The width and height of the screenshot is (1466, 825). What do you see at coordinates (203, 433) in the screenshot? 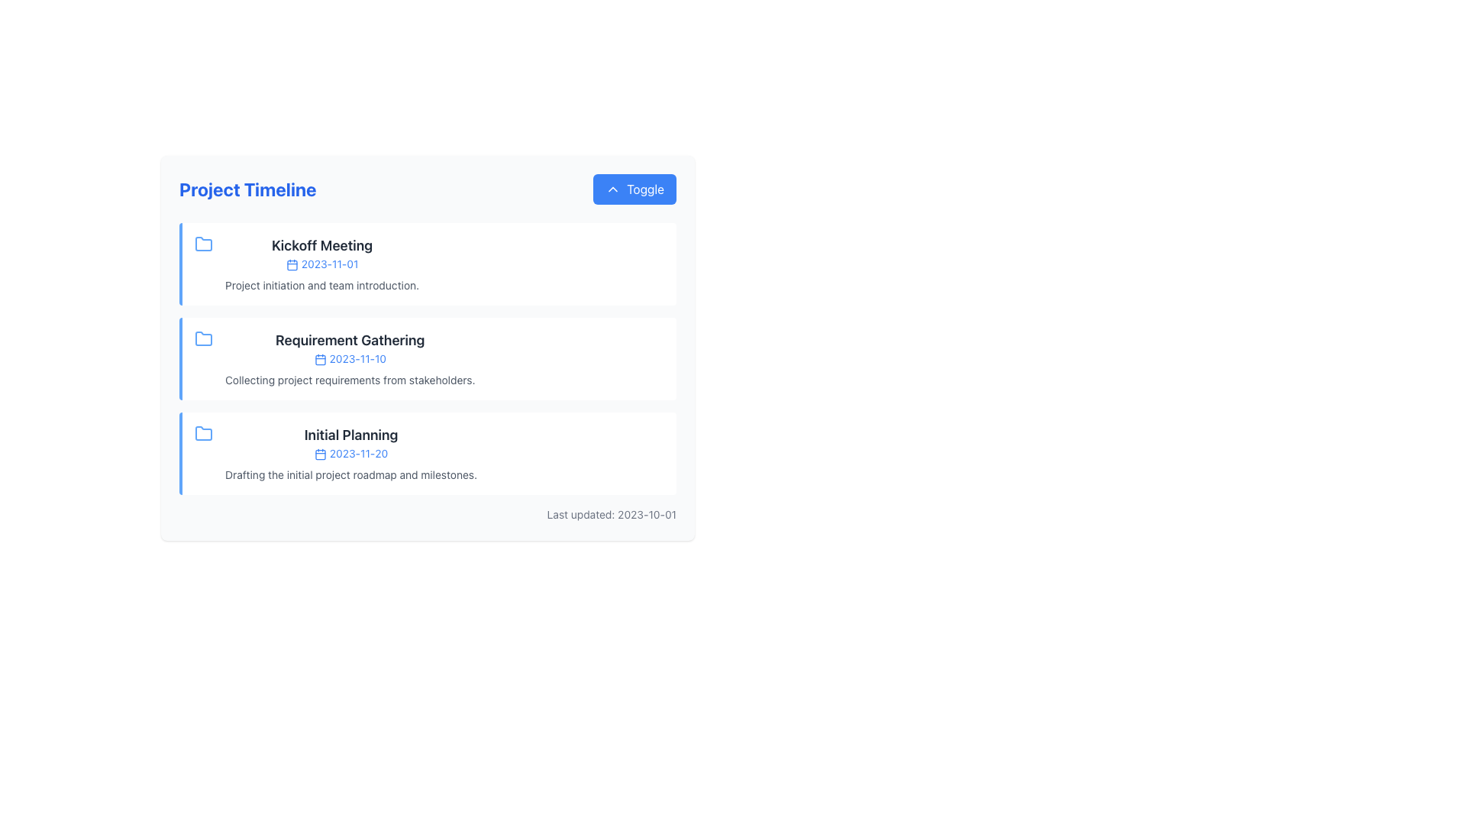
I see `the folder icon located to the left of the 'Initial Planning' heading in the third entry of the timeline list, which is positioned in the lower segment of the timeline component` at bounding box center [203, 433].